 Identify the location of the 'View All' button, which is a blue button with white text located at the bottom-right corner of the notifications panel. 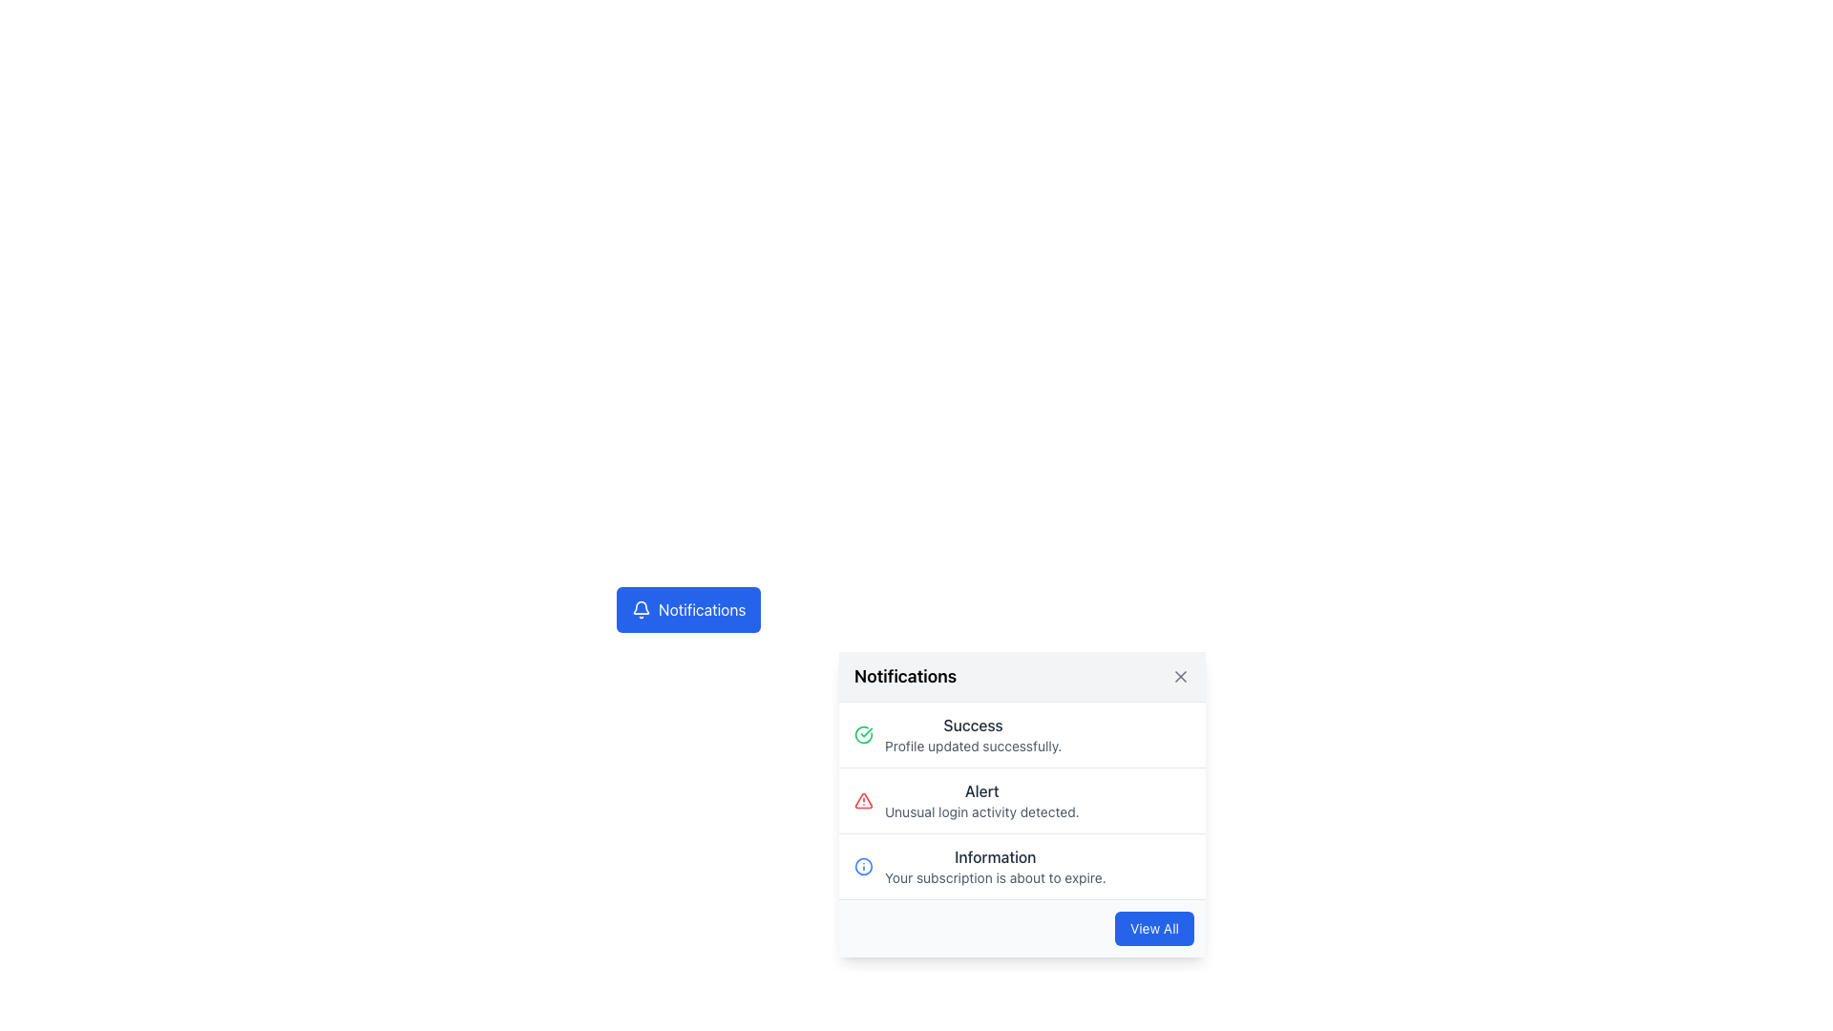
(1153, 927).